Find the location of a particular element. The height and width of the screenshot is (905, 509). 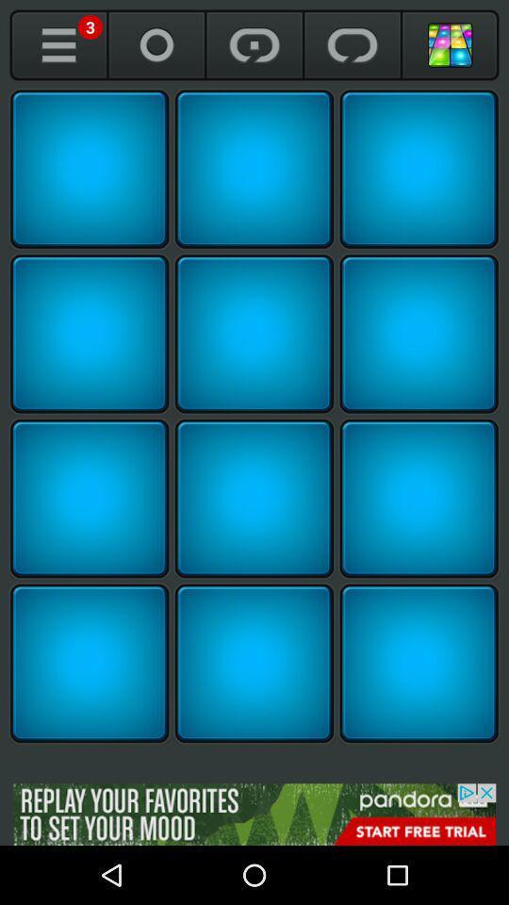

color tile is located at coordinates (89, 334).